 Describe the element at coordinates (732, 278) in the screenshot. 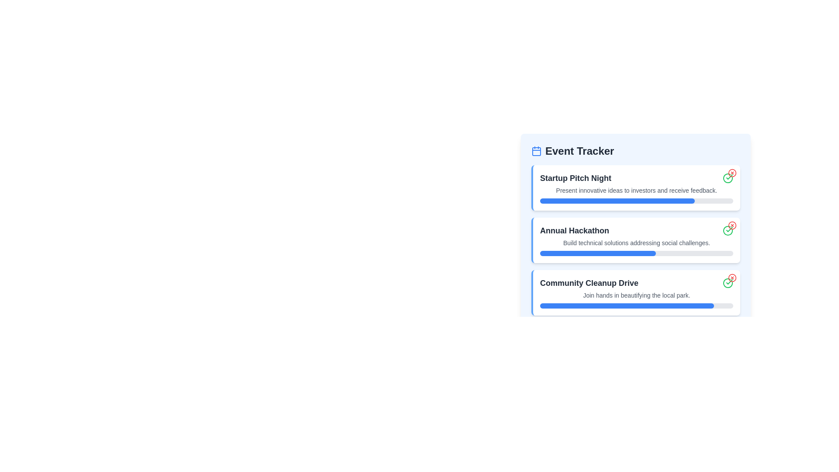

I see `the small red 'X' button in the top-right corner of the 'Community Cleanup Drive' card` at that location.